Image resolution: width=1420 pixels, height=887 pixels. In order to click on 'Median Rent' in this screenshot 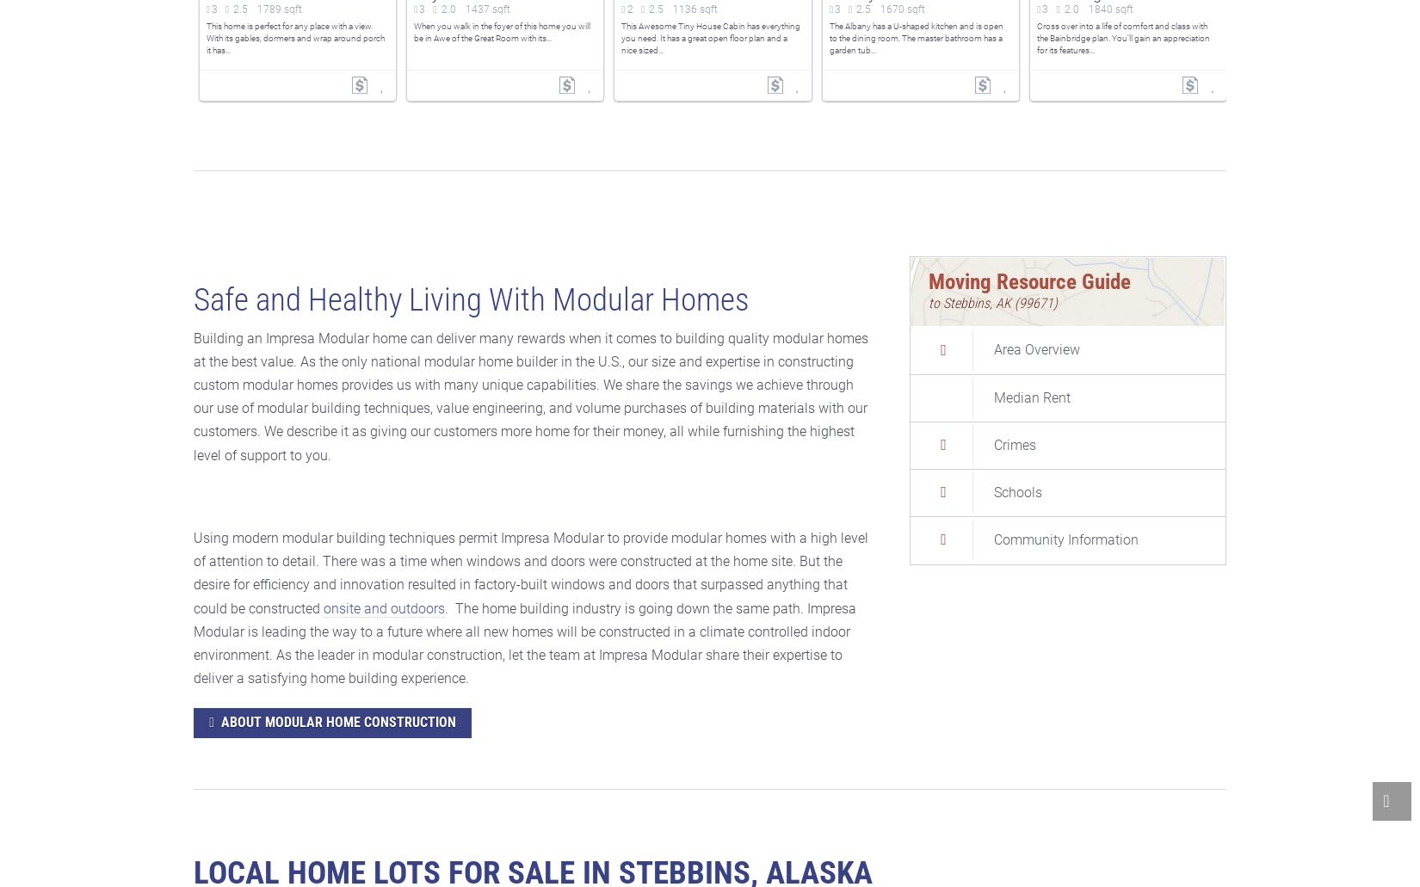, I will do `click(1031, 397)`.